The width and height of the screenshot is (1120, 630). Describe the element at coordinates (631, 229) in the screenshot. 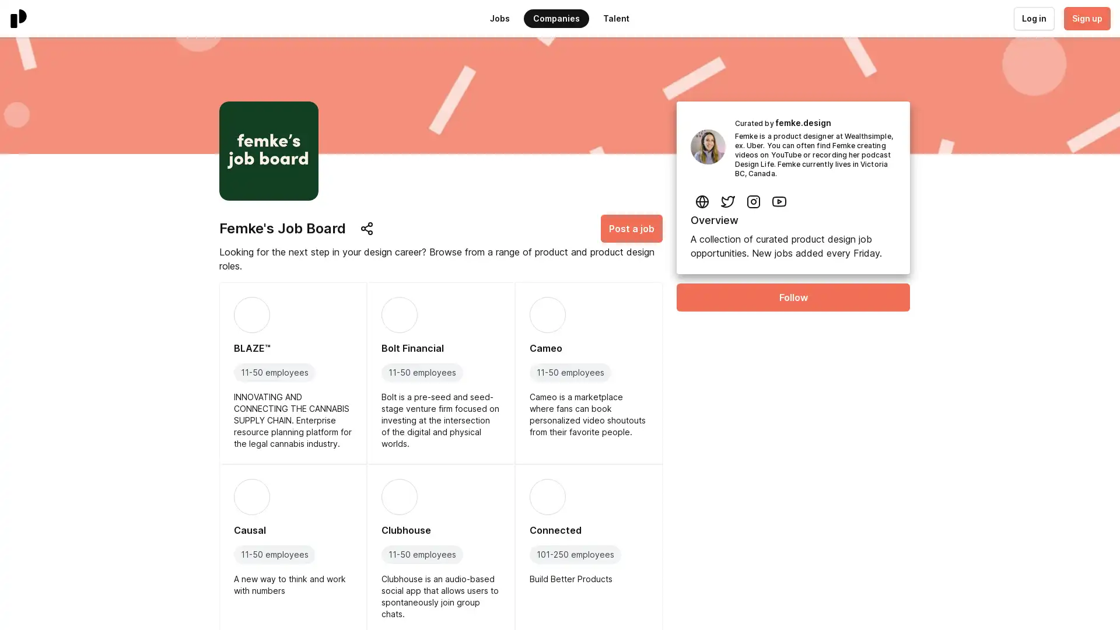

I see `Post a job` at that location.